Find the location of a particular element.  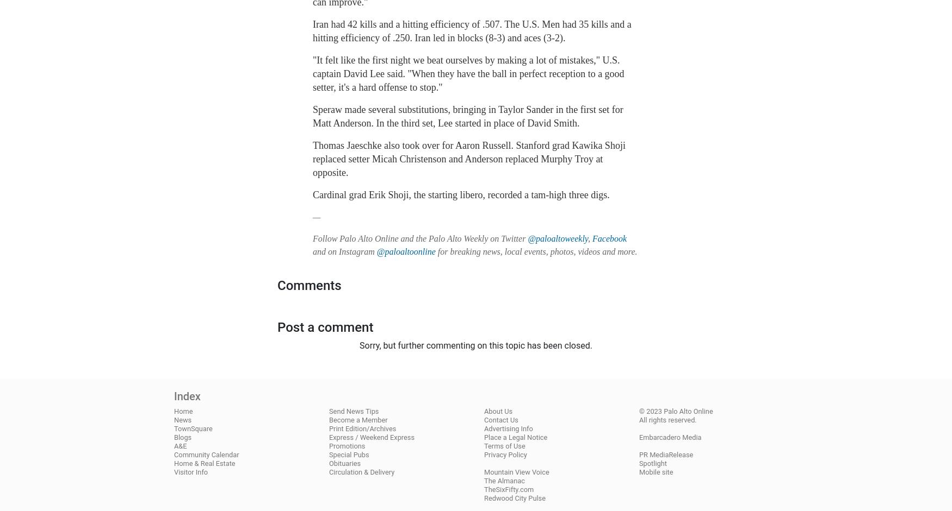

'Special Pubs' is located at coordinates (348, 453).